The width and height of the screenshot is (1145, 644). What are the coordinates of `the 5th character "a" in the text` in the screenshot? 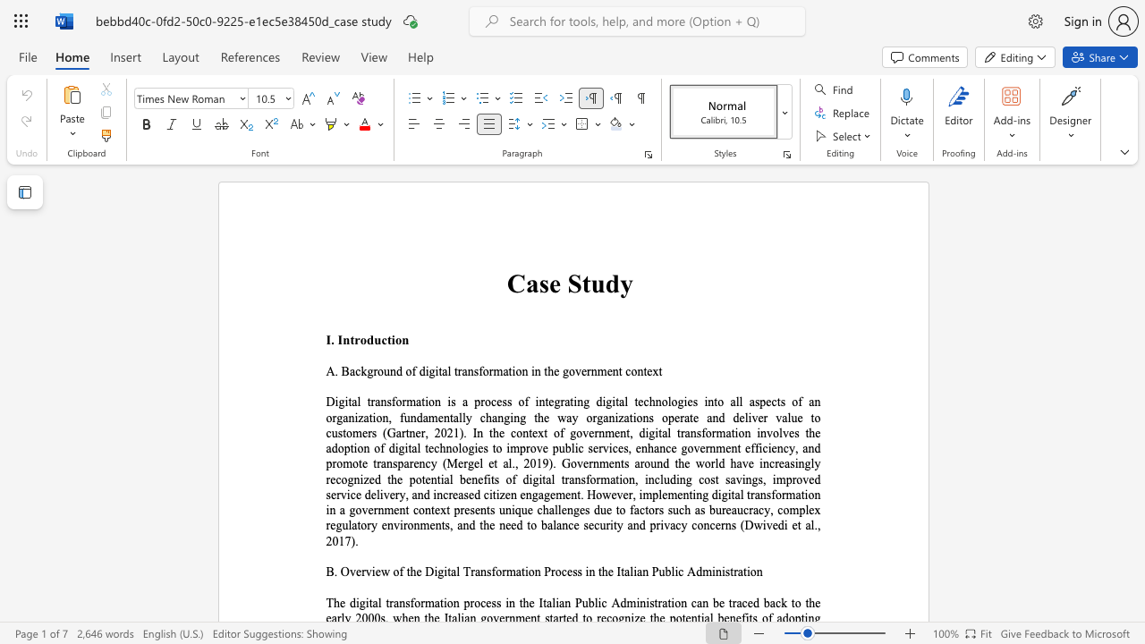 It's located at (566, 401).